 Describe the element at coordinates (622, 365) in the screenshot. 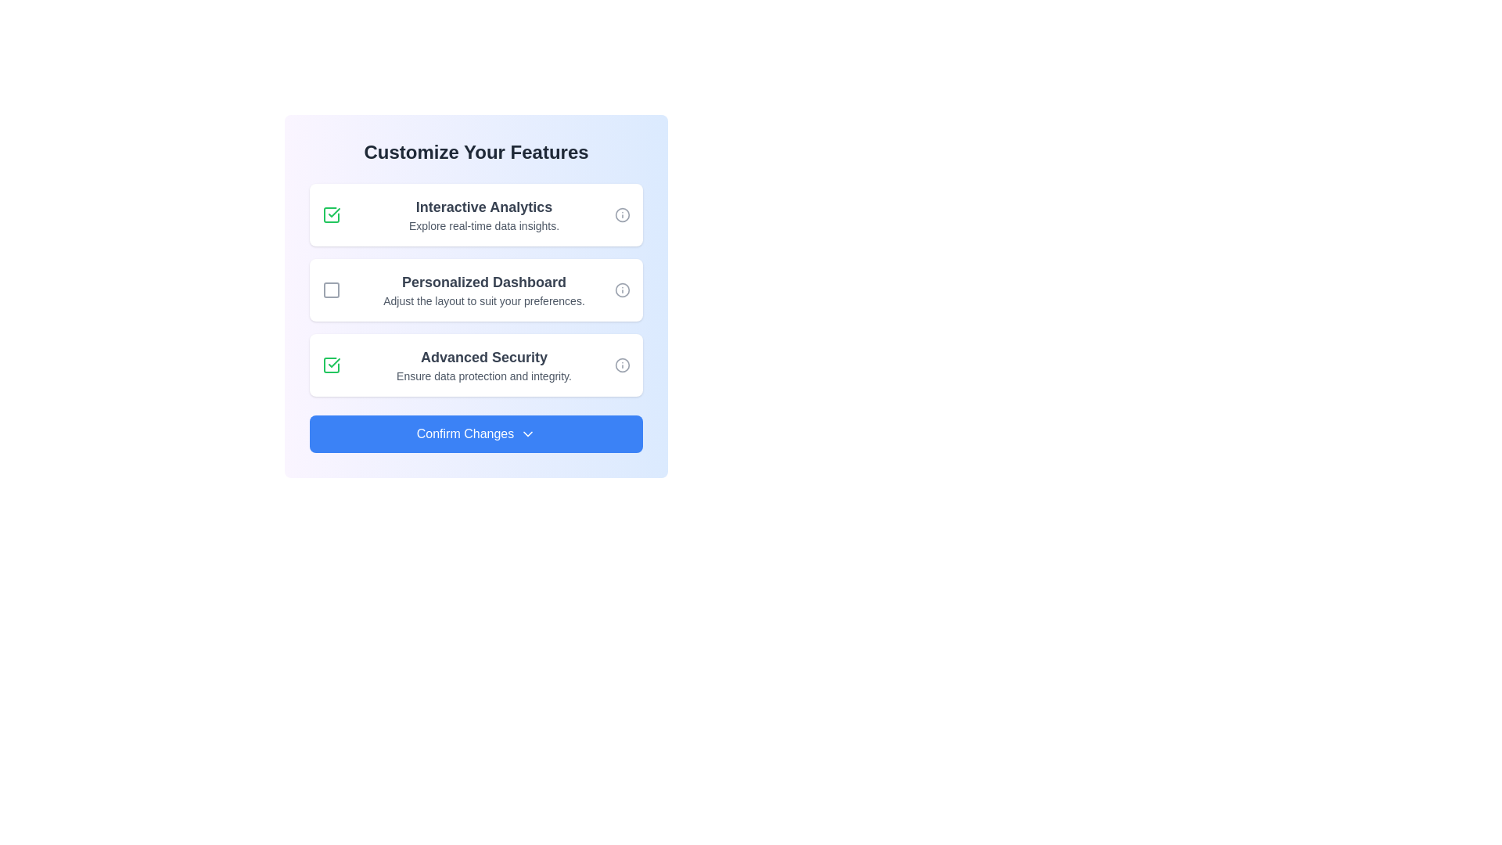

I see `the informational icon located to the far-right of the 'Advanced Security' option to retrieve more information` at that location.